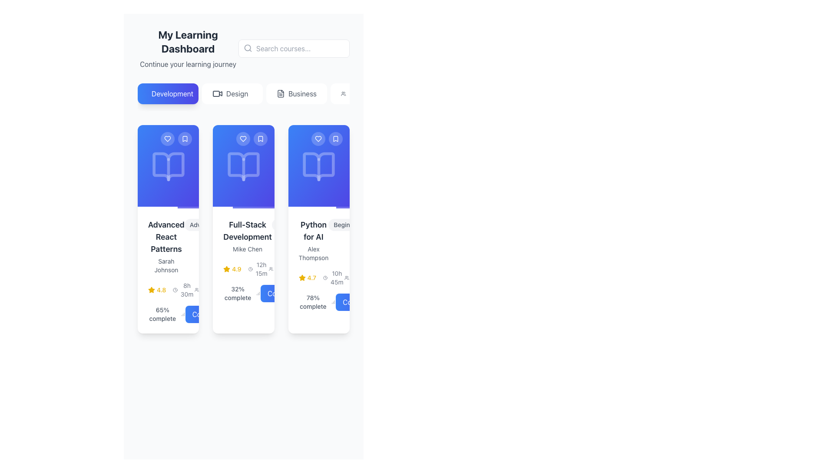 Image resolution: width=834 pixels, height=469 pixels. What do you see at coordinates (196, 290) in the screenshot?
I see `the icon representing 'students' located near the text '1234 students' in the bottom-right section of the dashboard interface` at bounding box center [196, 290].